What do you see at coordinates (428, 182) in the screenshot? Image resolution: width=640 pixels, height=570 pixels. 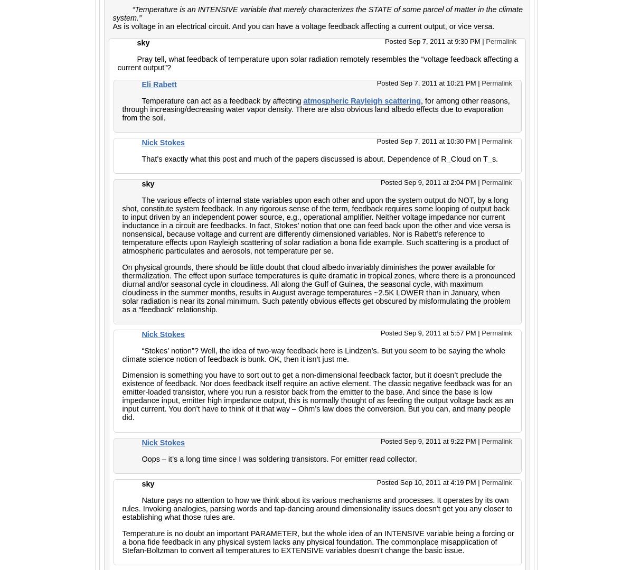 I see `'Posted Sep 9, 2011 at 2:04 PM'` at bounding box center [428, 182].